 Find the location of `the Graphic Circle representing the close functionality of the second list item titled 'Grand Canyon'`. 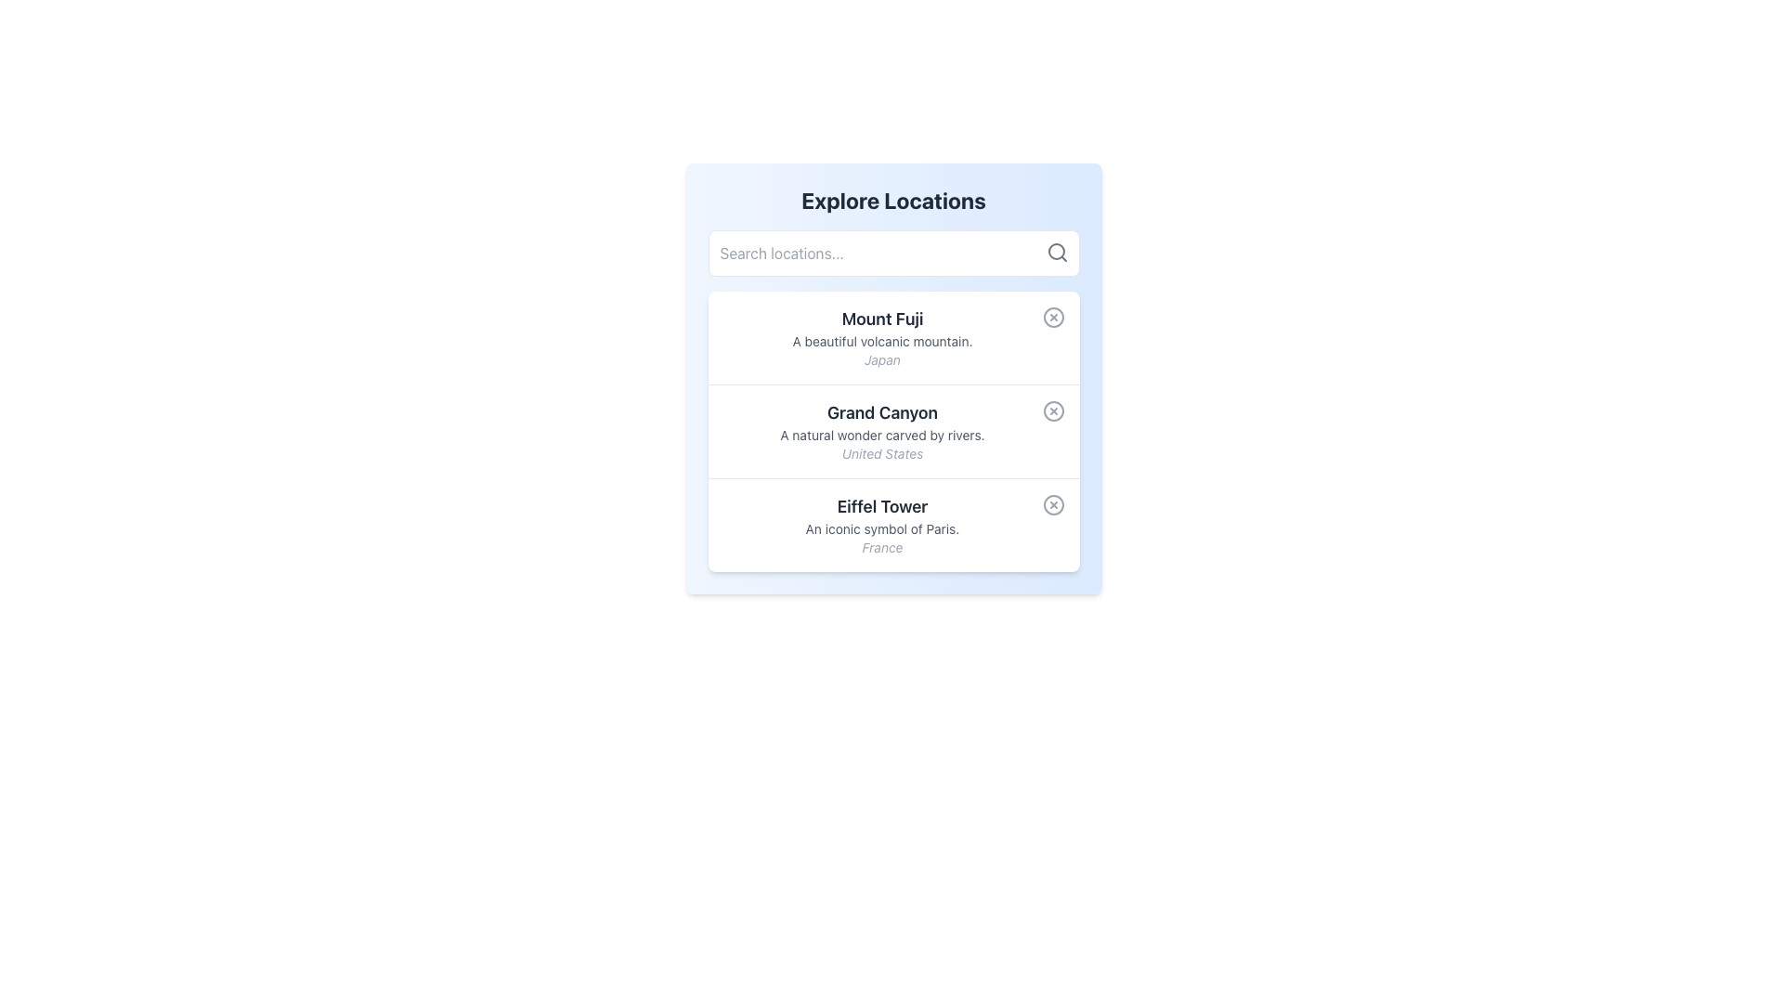

the Graphic Circle representing the close functionality of the second list item titled 'Grand Canyon' is located at coordinates (1053, 410).